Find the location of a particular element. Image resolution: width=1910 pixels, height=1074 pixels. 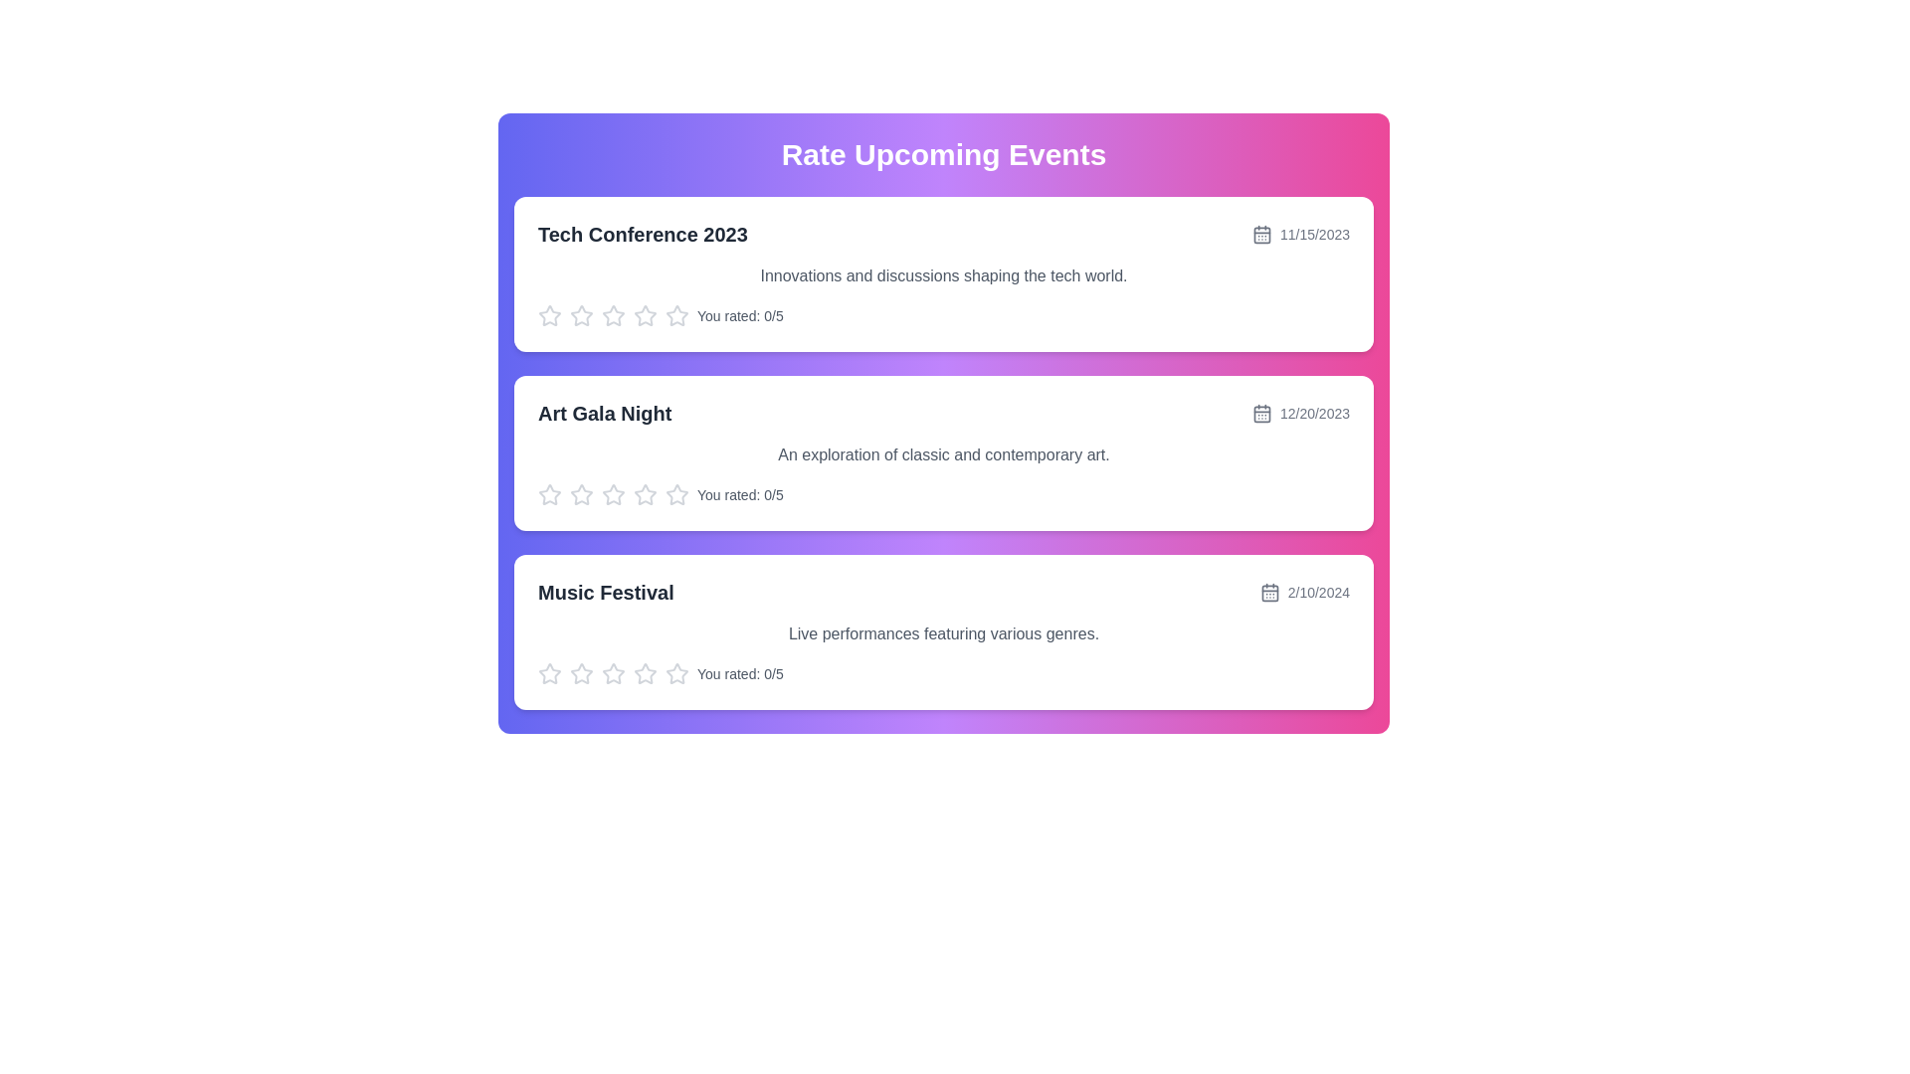

the calendar icon located in the top-right corner of the first item in the list, adjacent to the date '11/15/2023' is located at coordinates (1260, 234).